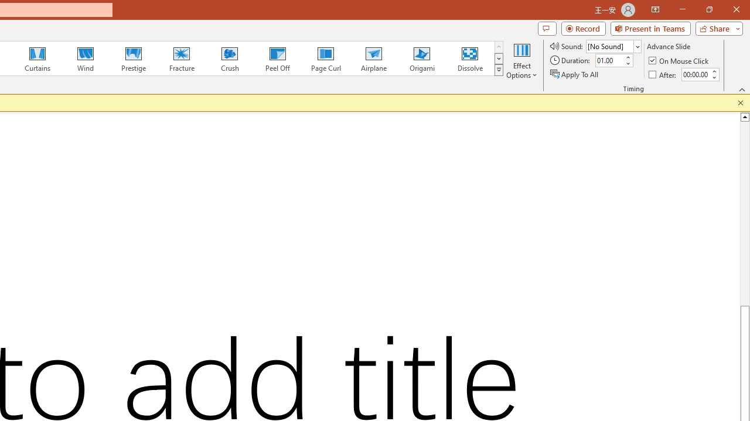 Image resolution: width=750 pixels, height=421 pixels. What do you see at coordinates (373, 58) in the screenshot?
I see `'Airplane'` at bounding box center [373, 58].